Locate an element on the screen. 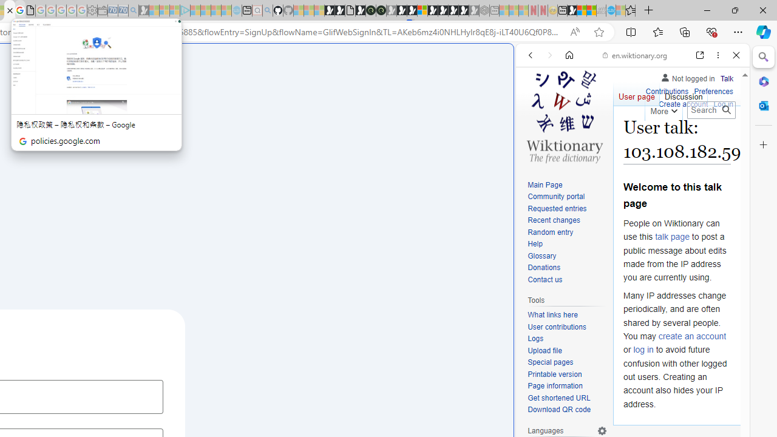  'Upload file' is located at coordinates (544, 350).